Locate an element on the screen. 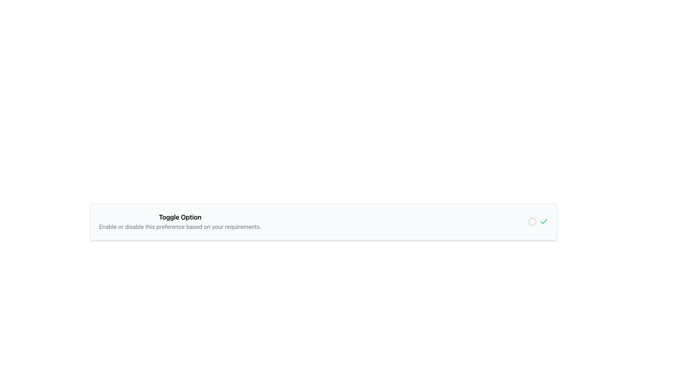  the circle shape object within the SVG graphic, located on the right side of the toggle-option interface is located at coordinates (532, 221).